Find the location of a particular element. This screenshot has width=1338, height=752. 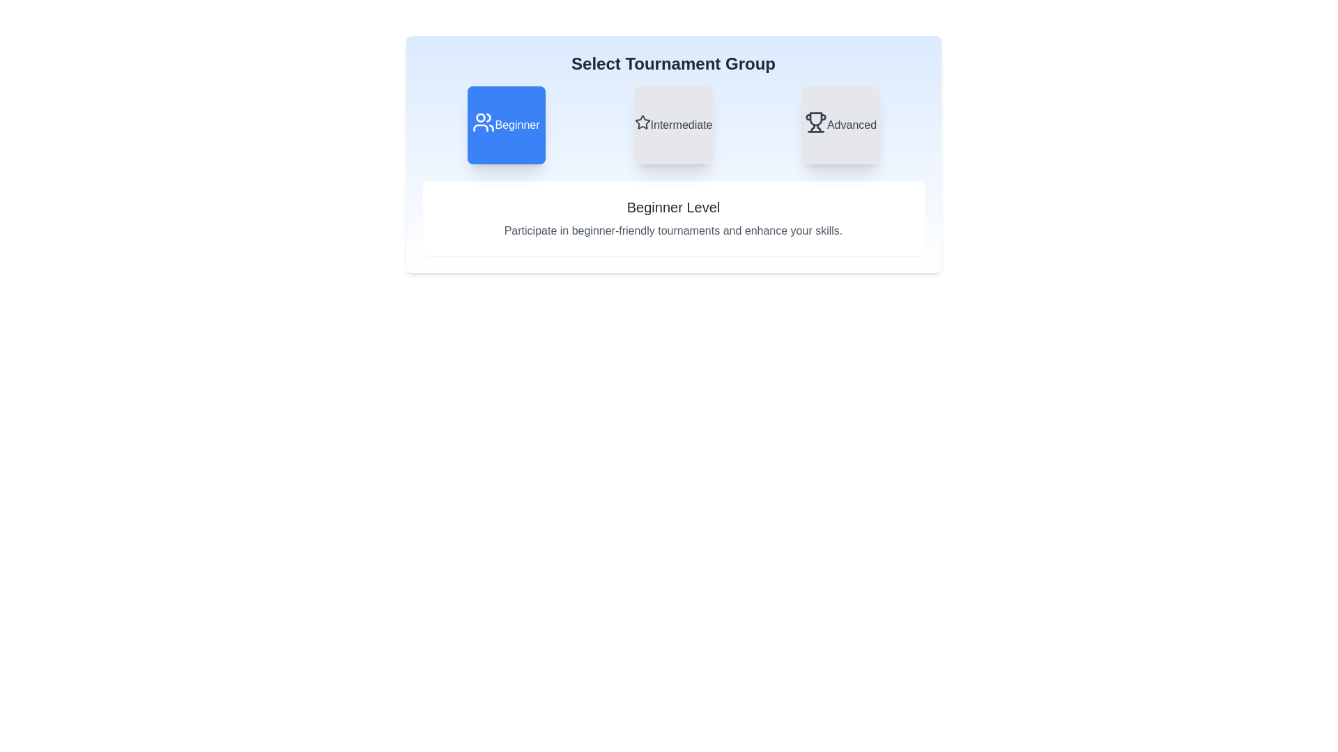

trophy icon, which is dark gray and represents achievement, located in the 'Advanced' option card above the 'Advanced' label is located at coordinates (815, 122).